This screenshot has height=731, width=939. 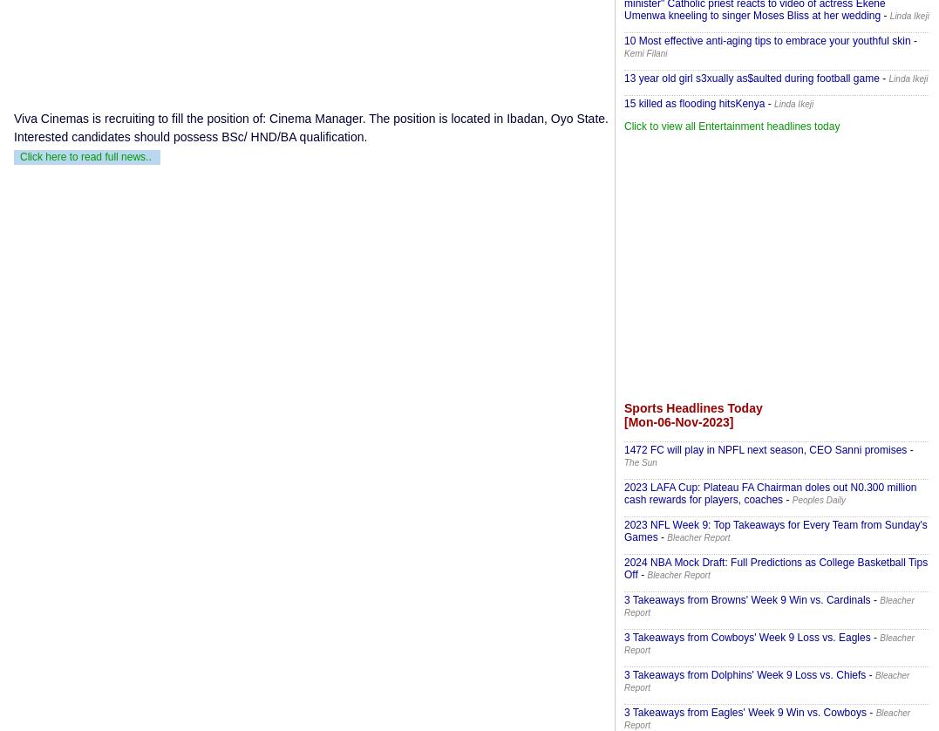 I want to click on 'Sports Headlines Today', so click(x=693, y=408).